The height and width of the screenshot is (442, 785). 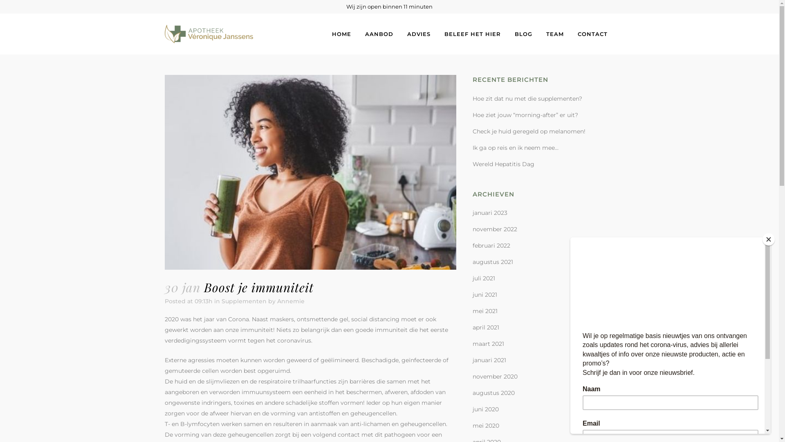 I want to click on 'TEAM', so click(x=554, y=34).